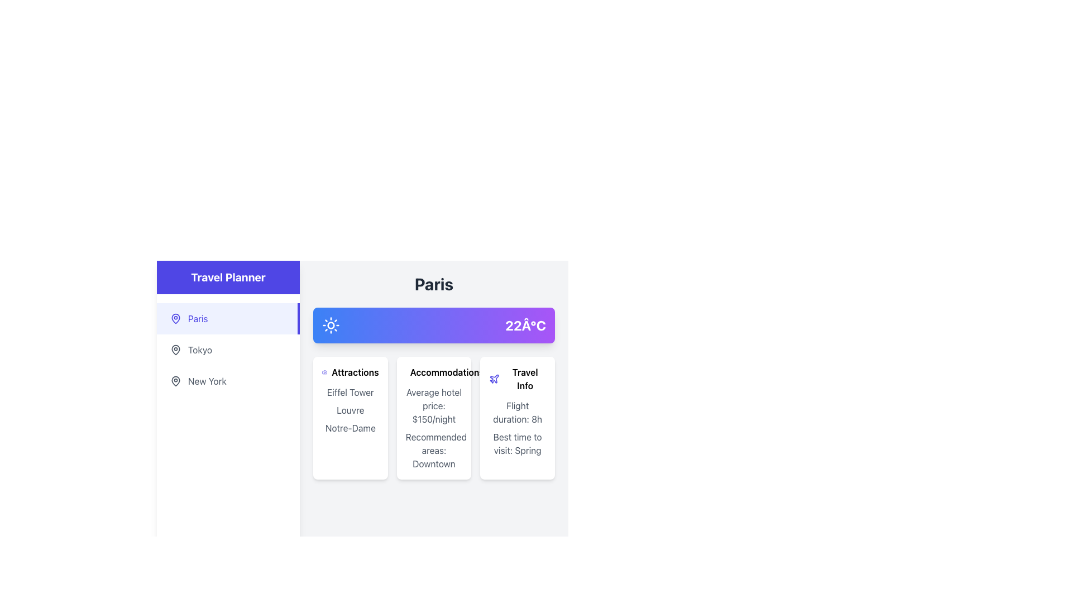 This screenshot has height=603, width=1072. What do you see at coordinates (517, 413) in the screenshot?
I see `text component displaying 'Flight duration: 8h' located within the bottom section of the 'Travel Info' card` at bounding box center [517, 413].